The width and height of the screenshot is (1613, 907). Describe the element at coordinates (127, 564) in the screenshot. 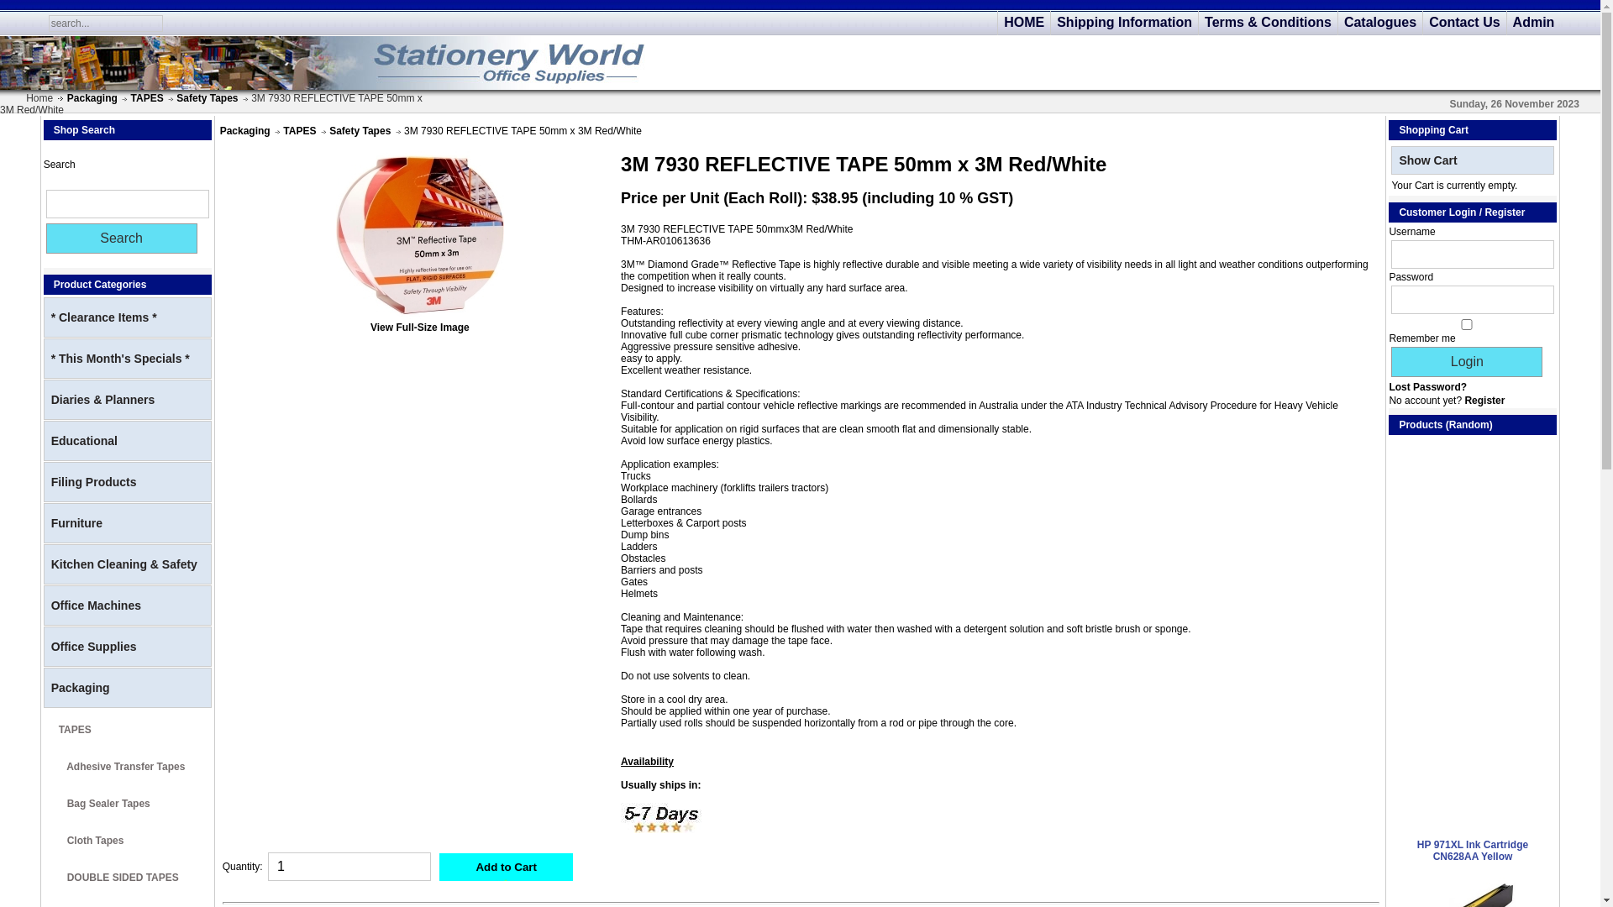

I see `'Kitchen Cleaning & Safety'` at that location.